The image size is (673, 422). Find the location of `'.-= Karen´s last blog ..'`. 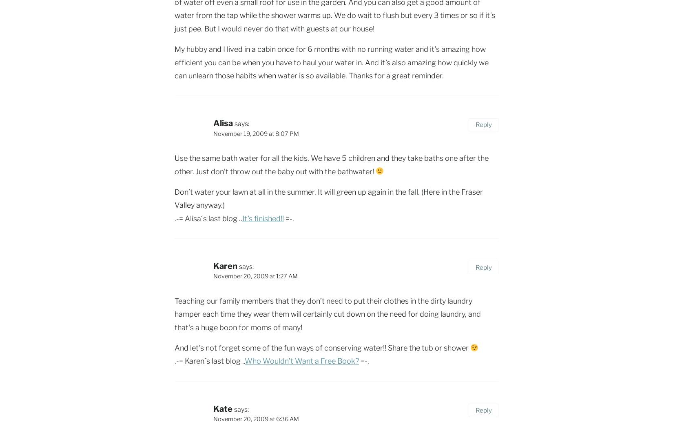

'.-= Karen´s last blog ..' is located at coordinates (209, 360).